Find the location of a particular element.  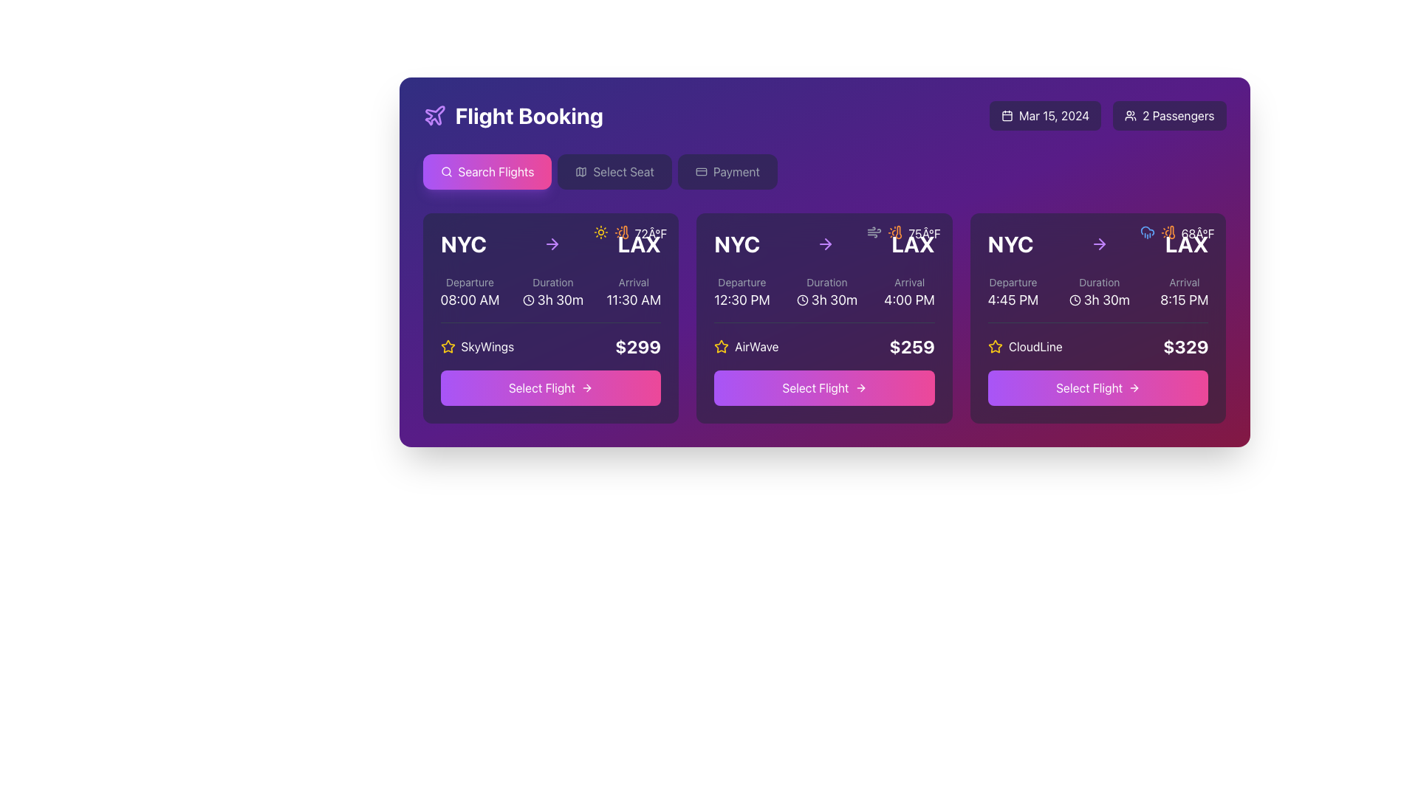

the Arrow icon located in the second flight card, positioned between the 'NYC' and 'LAX' texts is located at coordinates (828, 244).